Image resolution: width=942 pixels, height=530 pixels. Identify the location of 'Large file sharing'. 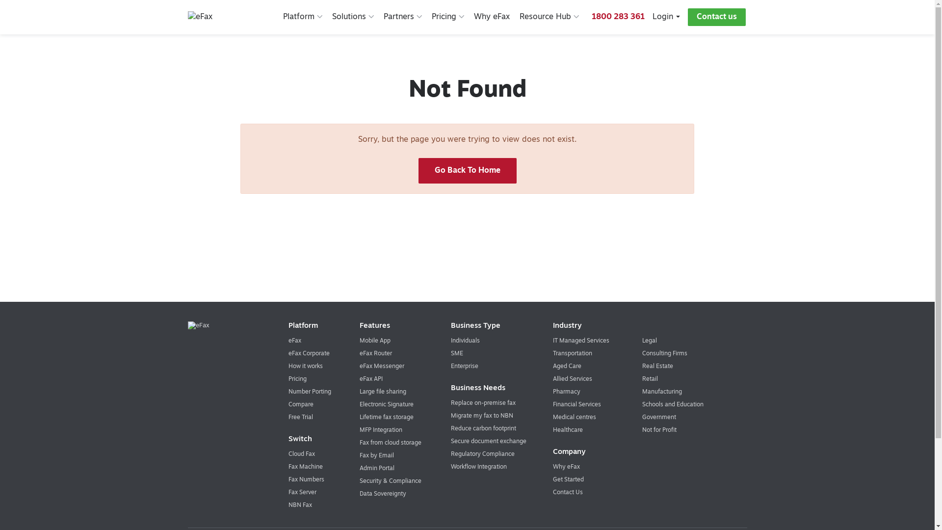
(382, 391).